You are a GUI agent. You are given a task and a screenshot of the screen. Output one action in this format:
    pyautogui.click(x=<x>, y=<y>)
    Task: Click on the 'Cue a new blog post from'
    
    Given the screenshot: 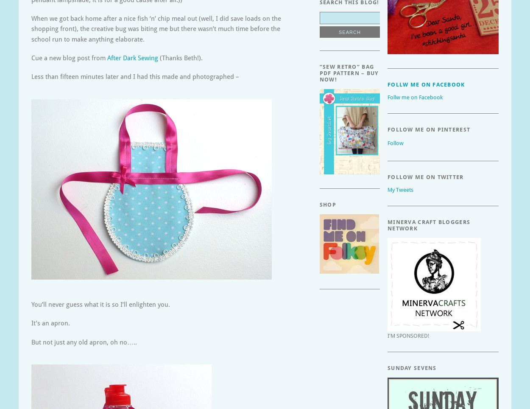 What is the action you would take?
    pyautogui.click(x=69, y=58)
    